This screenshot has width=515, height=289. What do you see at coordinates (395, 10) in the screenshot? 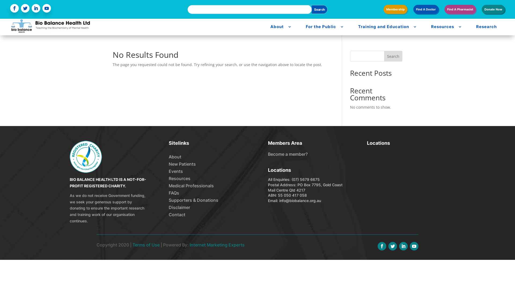
I see `'Membership'` at bounding box center [395, 10].